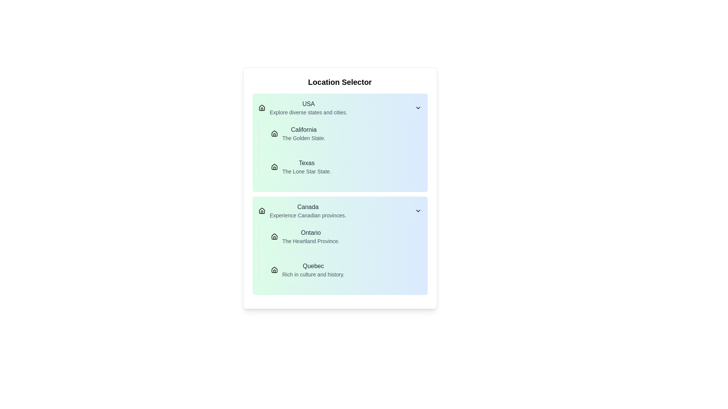 The image size is (728, 409). I want to click on the text block displaying 'Texas' in bold with 'The Lone Star State.' below it, located under the 'USA' section in the 'Location Selector' interface, so click(307, 166).